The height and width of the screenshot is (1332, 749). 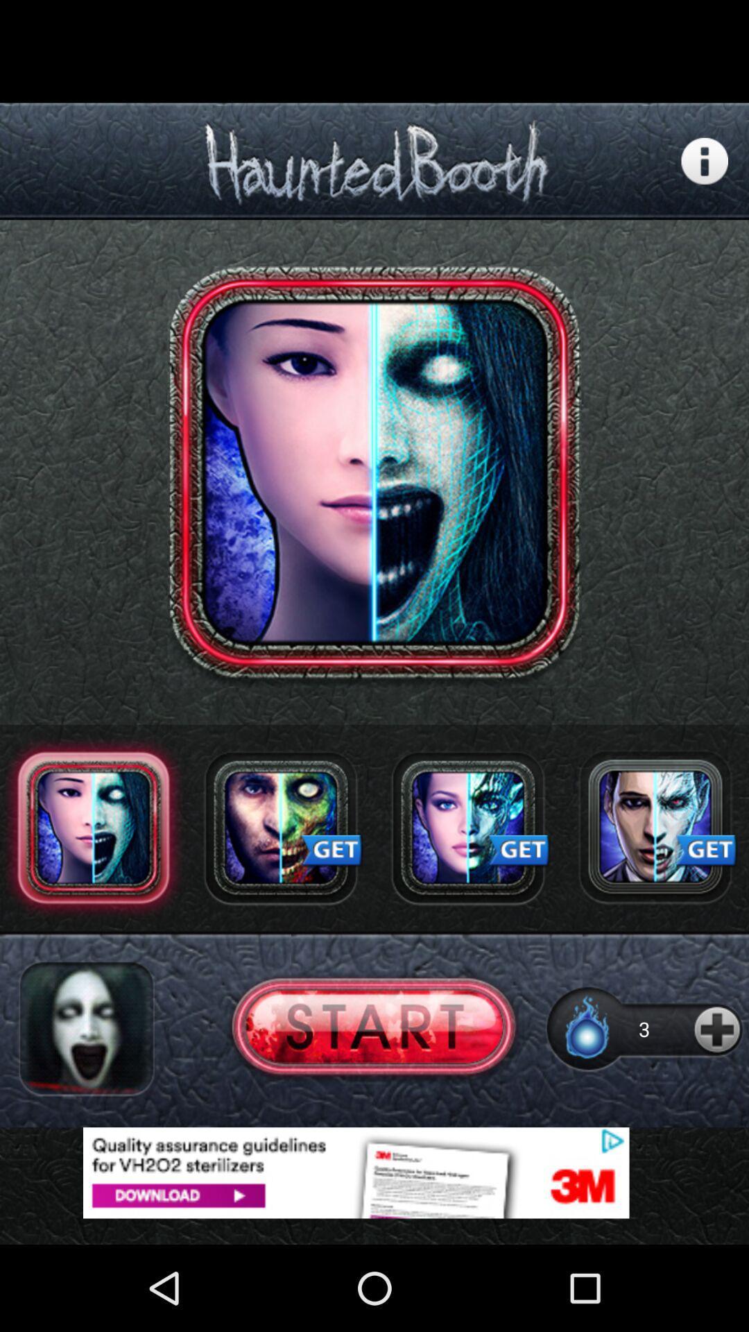 I want to click on show information, so click(x=705, y=161).